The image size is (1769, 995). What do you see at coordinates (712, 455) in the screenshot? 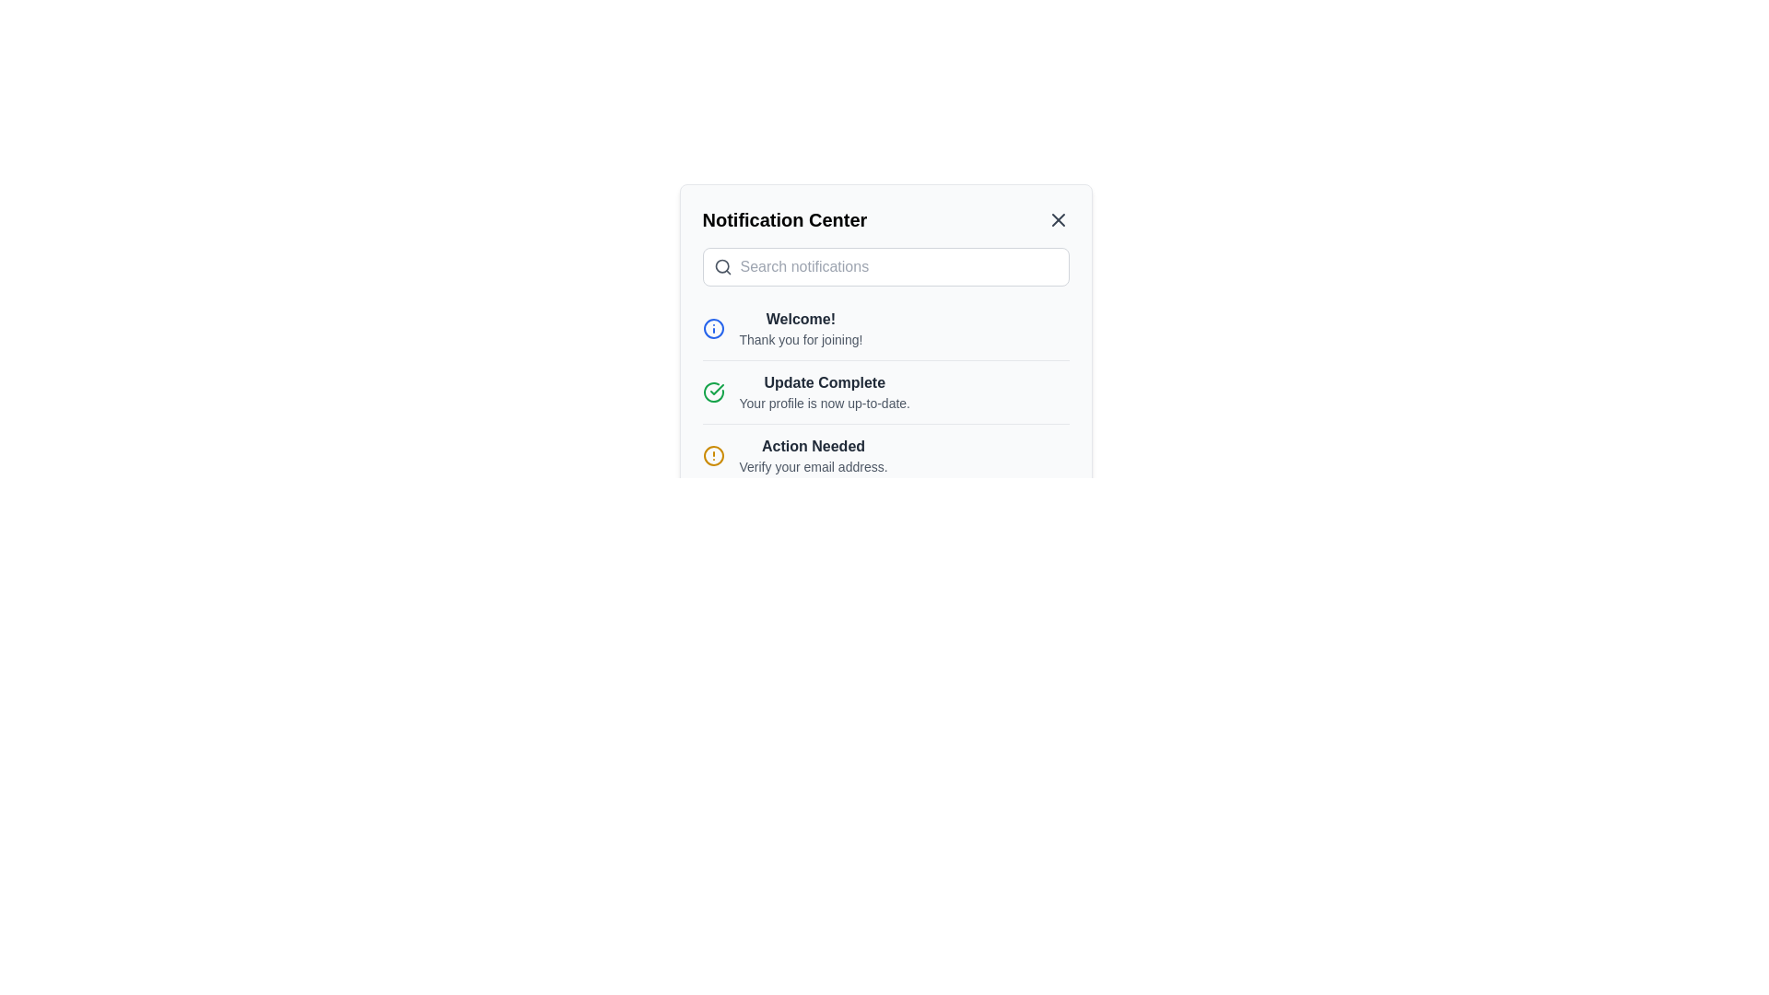
I see `the circular indicator within the yellow alert icon located next to the 'Action Needed' text in the Notification Center` at bounding box center [712, 455].